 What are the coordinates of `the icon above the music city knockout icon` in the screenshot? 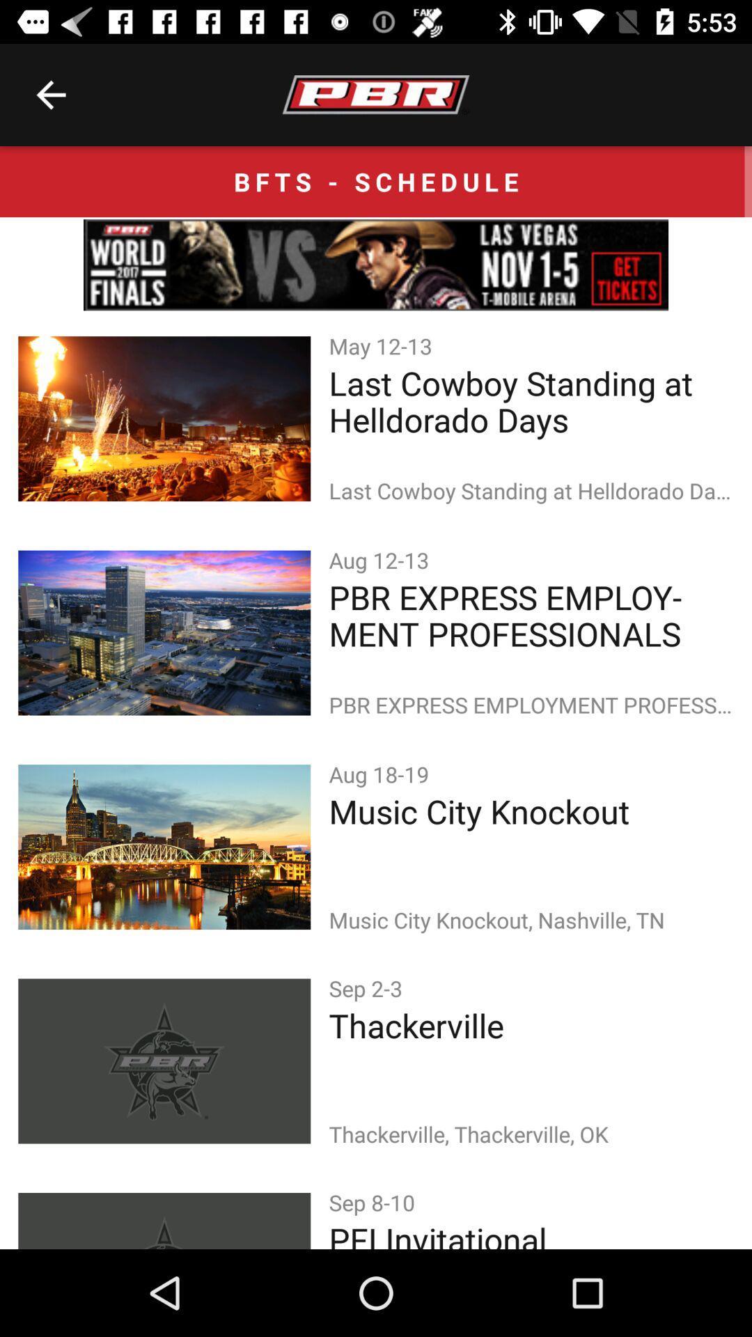 It's located at (382, 773).